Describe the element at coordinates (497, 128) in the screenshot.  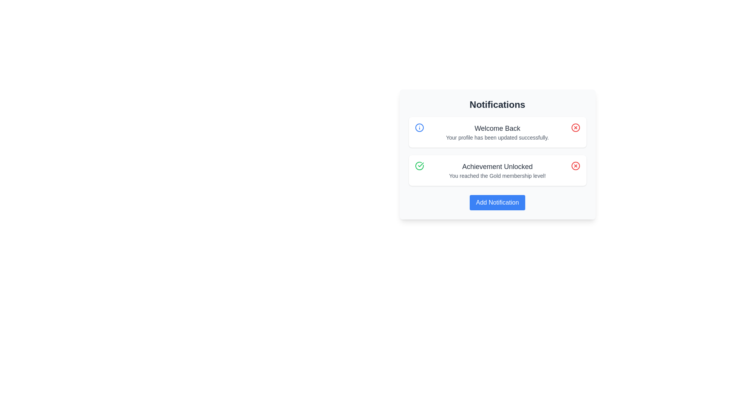
I see `the greeting header text label indicating successful interaction within the first notification card, positioned above the message 'Your profile has been updated successfully'` at that location.